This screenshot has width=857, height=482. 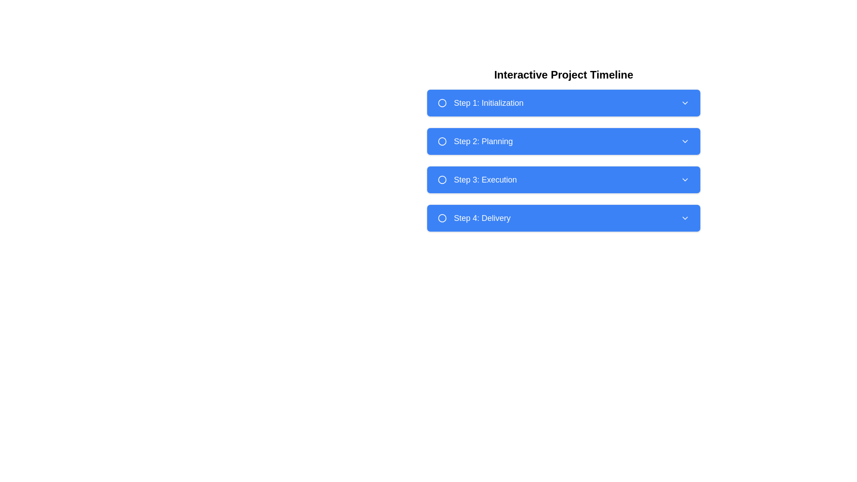 I want to click on text label that says 'Step 4: Delivery', which is styled in bold and located within the blue rectangular box at the end of the steps sequence, so click(x=482, y=218).